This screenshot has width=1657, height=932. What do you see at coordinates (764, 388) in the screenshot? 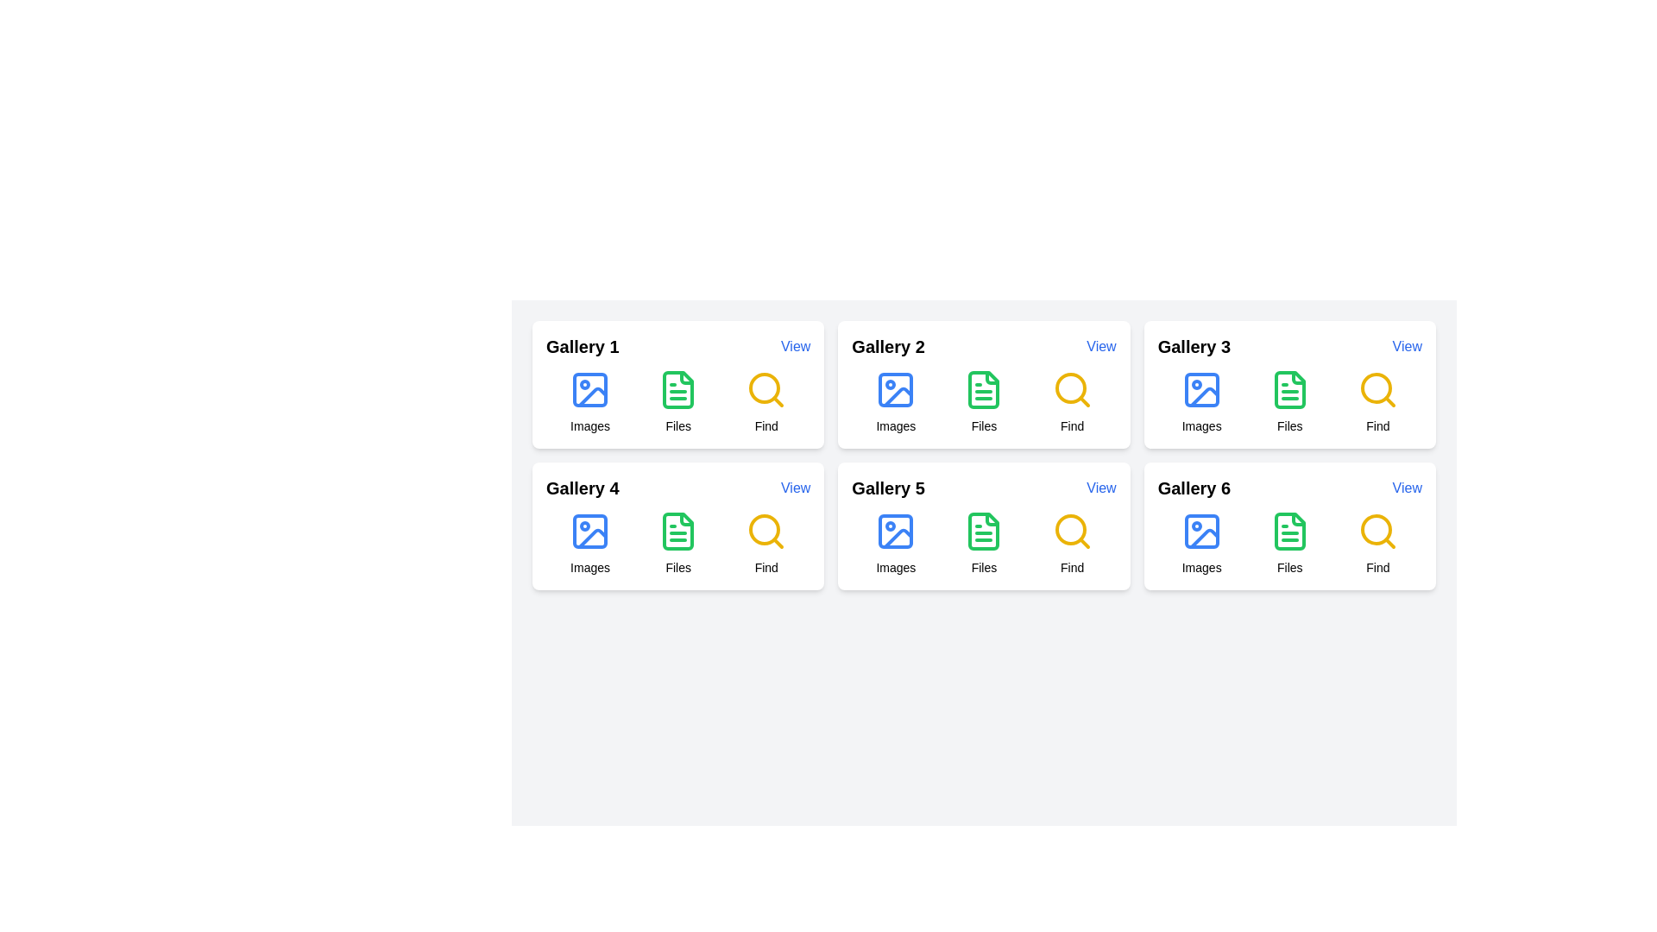
I see `the 'Find' search icon, which is a circular outline with a bright yellow color, located in the first gallery group of the grid interface` at bounding box center [764, 388].